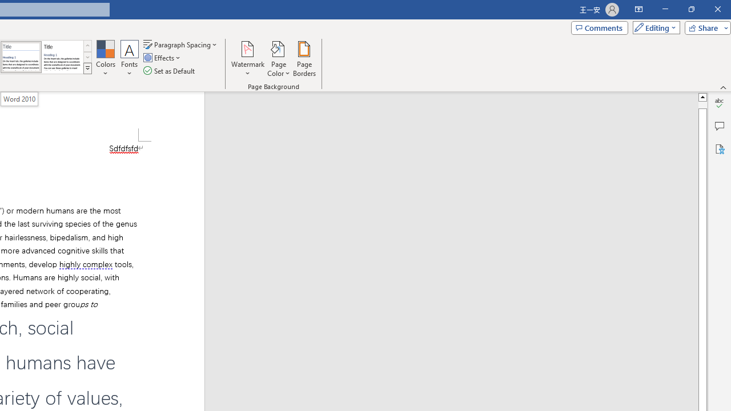 The height and width of the screenshot is (411, 731). I want to click on 'Paragraph Spacing', so click(180, 44).